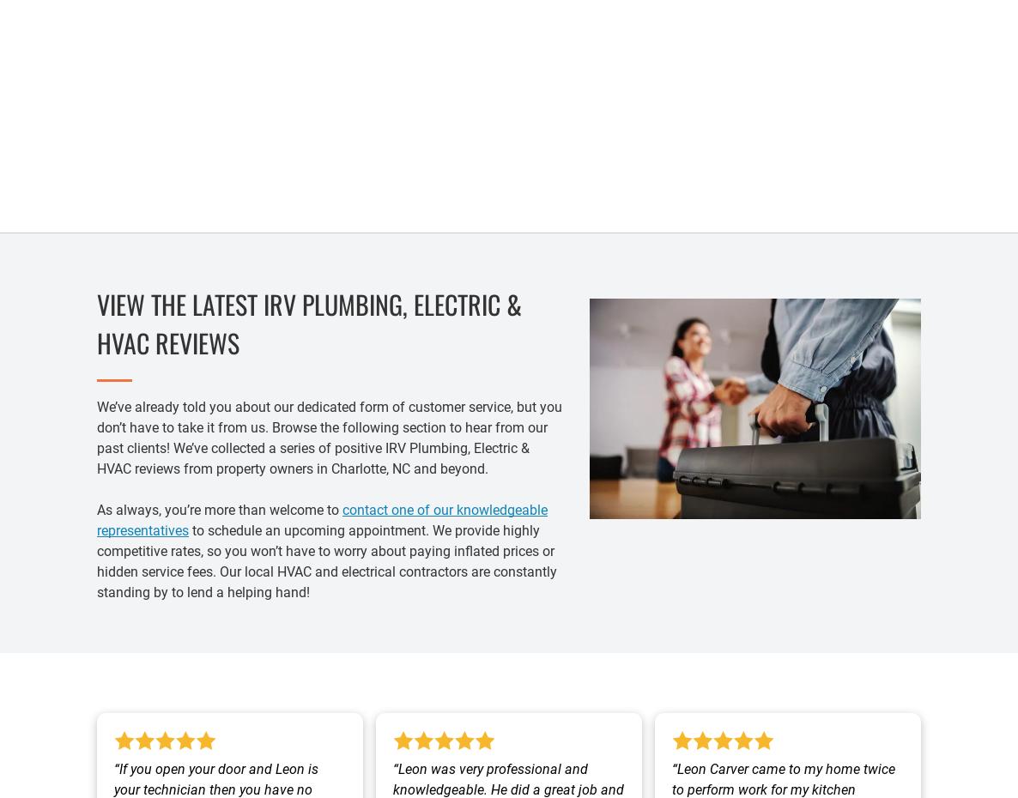  What do you see at coordinates (313, 147) in the screenshot?
I see `'service panel upgrades'` at bounding box center [313, 147].